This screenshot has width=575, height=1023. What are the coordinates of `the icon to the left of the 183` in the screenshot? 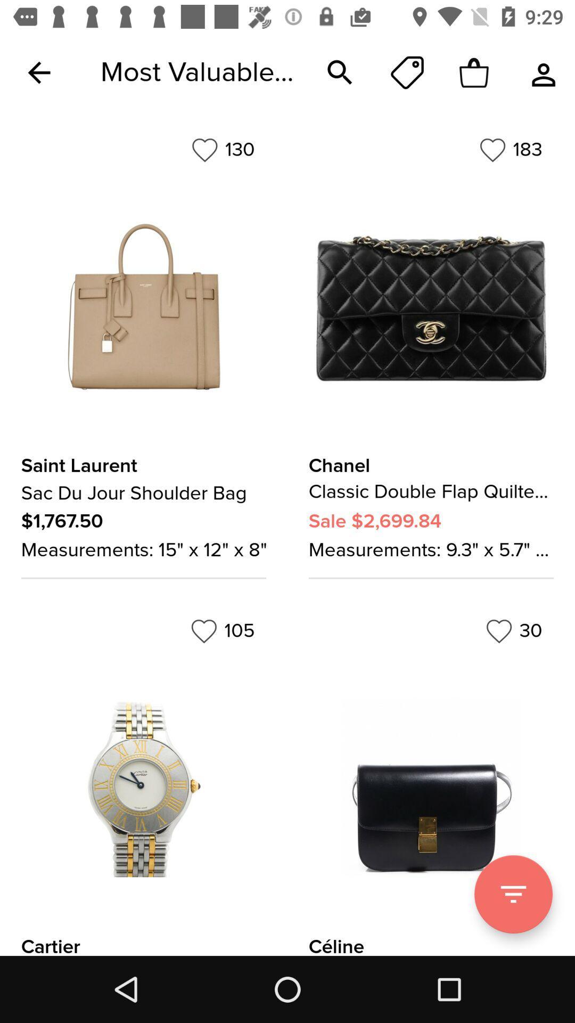 It's located at (223, 149).